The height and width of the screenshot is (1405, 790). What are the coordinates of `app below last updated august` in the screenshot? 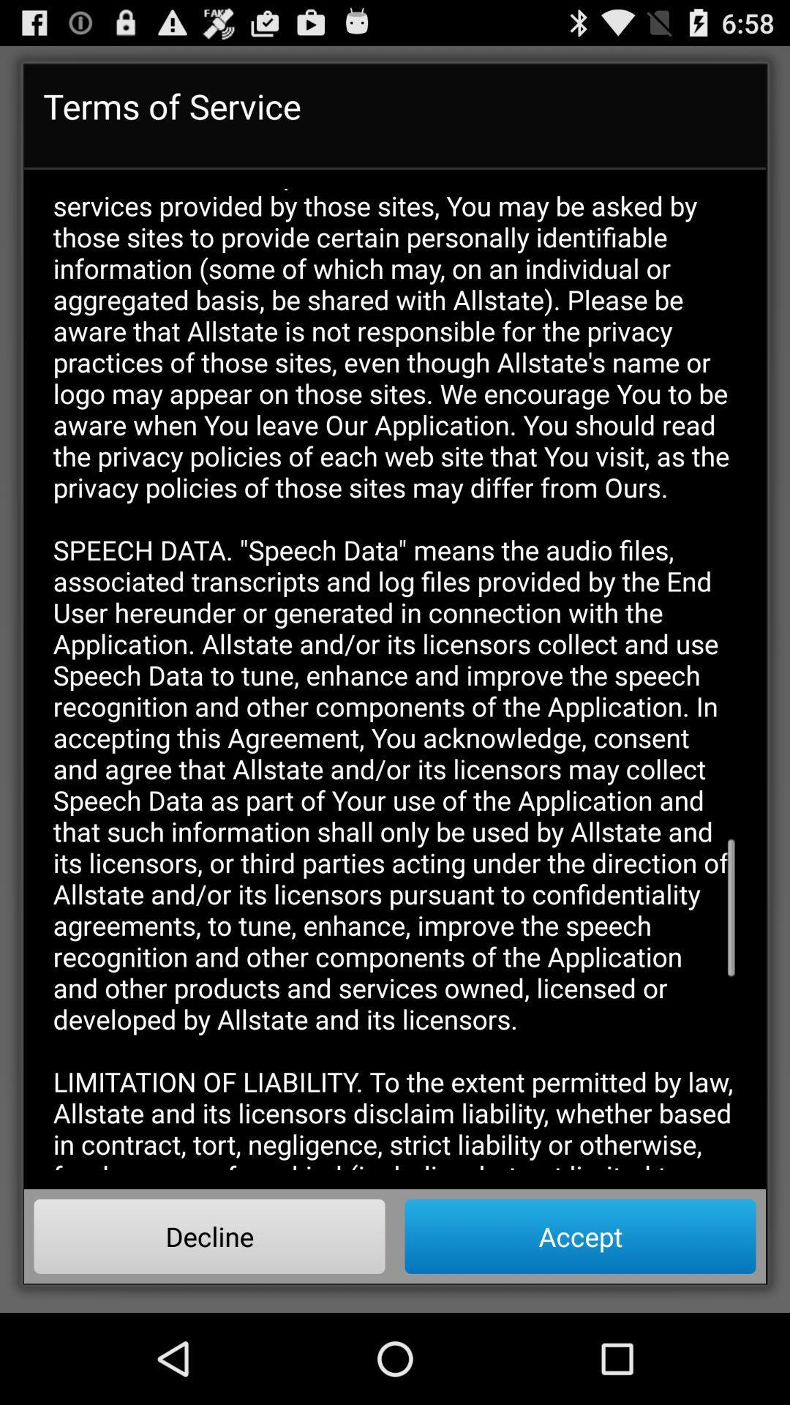 It's located at (209, 1235).